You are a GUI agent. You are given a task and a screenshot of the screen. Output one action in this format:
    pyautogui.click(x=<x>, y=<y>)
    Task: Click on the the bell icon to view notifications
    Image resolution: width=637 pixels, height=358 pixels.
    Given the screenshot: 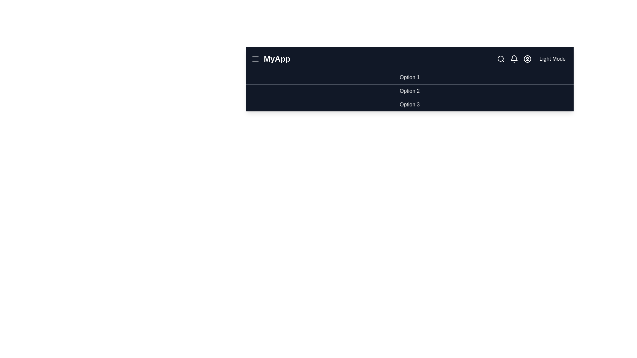 What is the action you would take?
    pyautogui.click(x=514, y=58)
    